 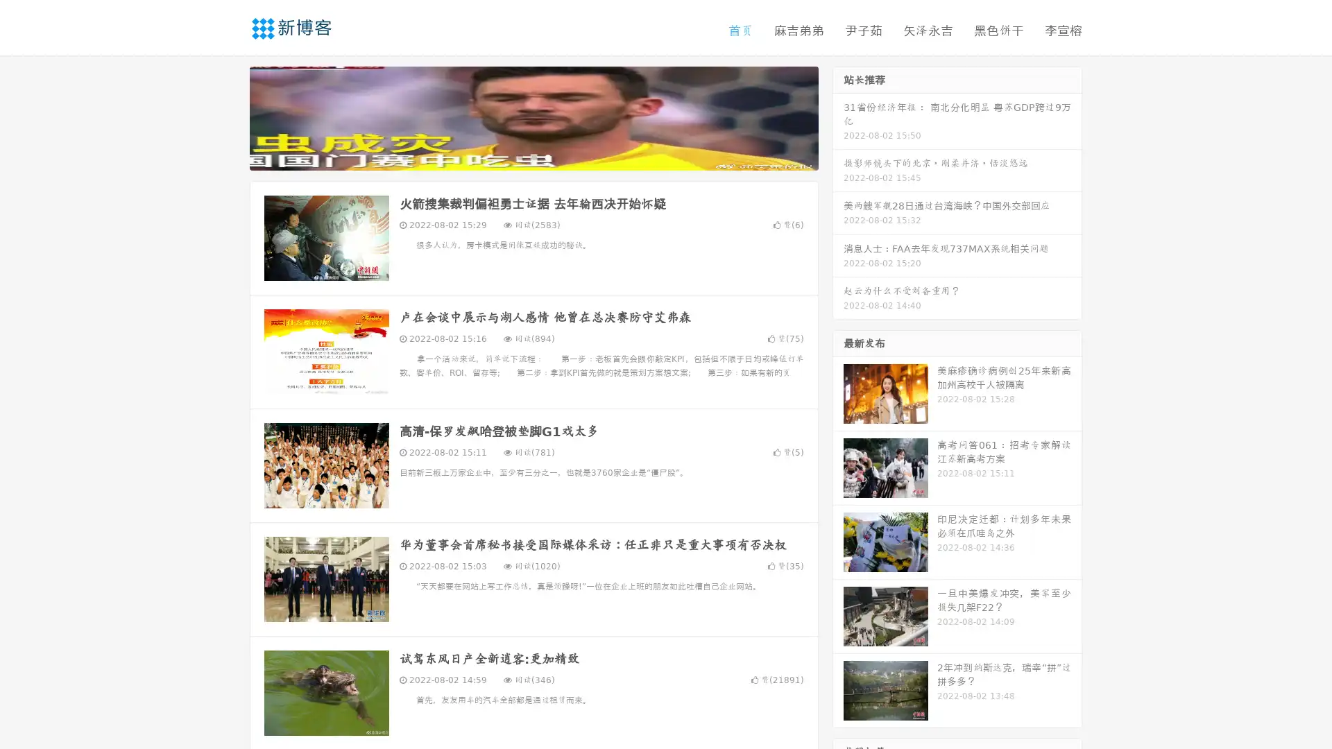 What do you see at coordinates (519, 156) in the screenshot?
I see `Go to slide 1` at bounding box center [519, 156].